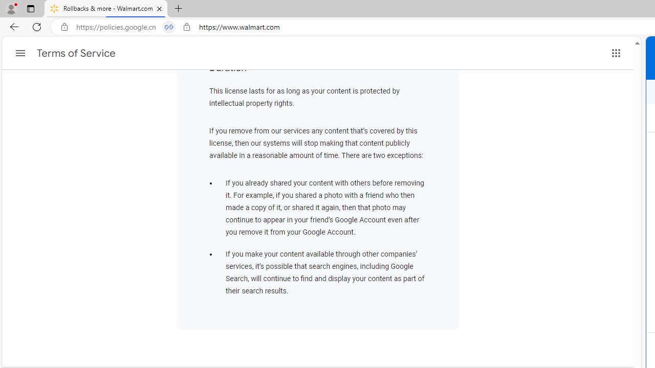  What do you see at coordinates (37, 26) in the screenshot?
I see `'Refresh'` at bounding box center [37, 26].